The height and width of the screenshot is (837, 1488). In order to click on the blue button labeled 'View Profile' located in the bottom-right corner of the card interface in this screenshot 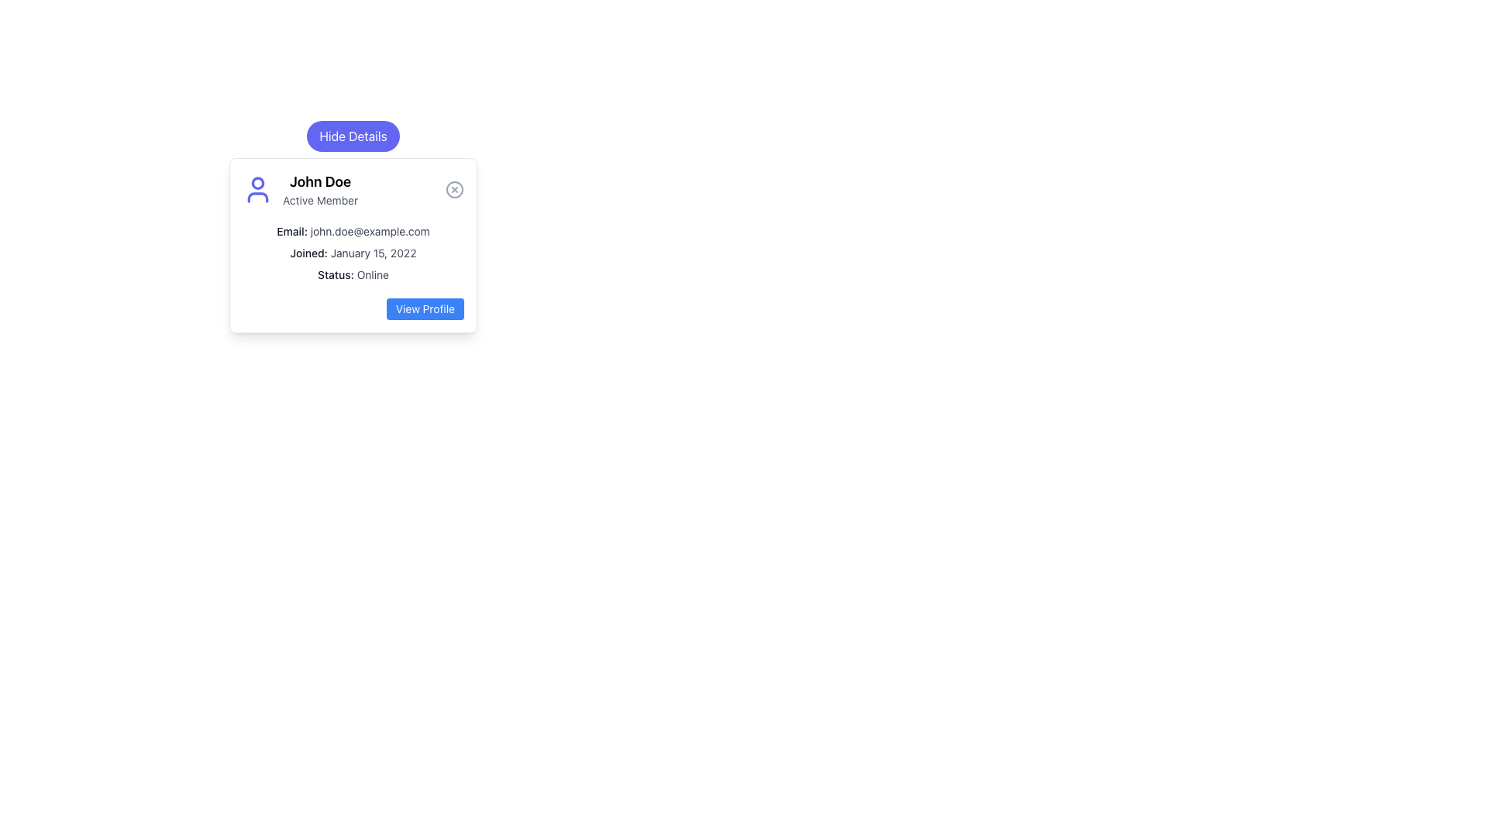, I will do `click(425, 308)`.